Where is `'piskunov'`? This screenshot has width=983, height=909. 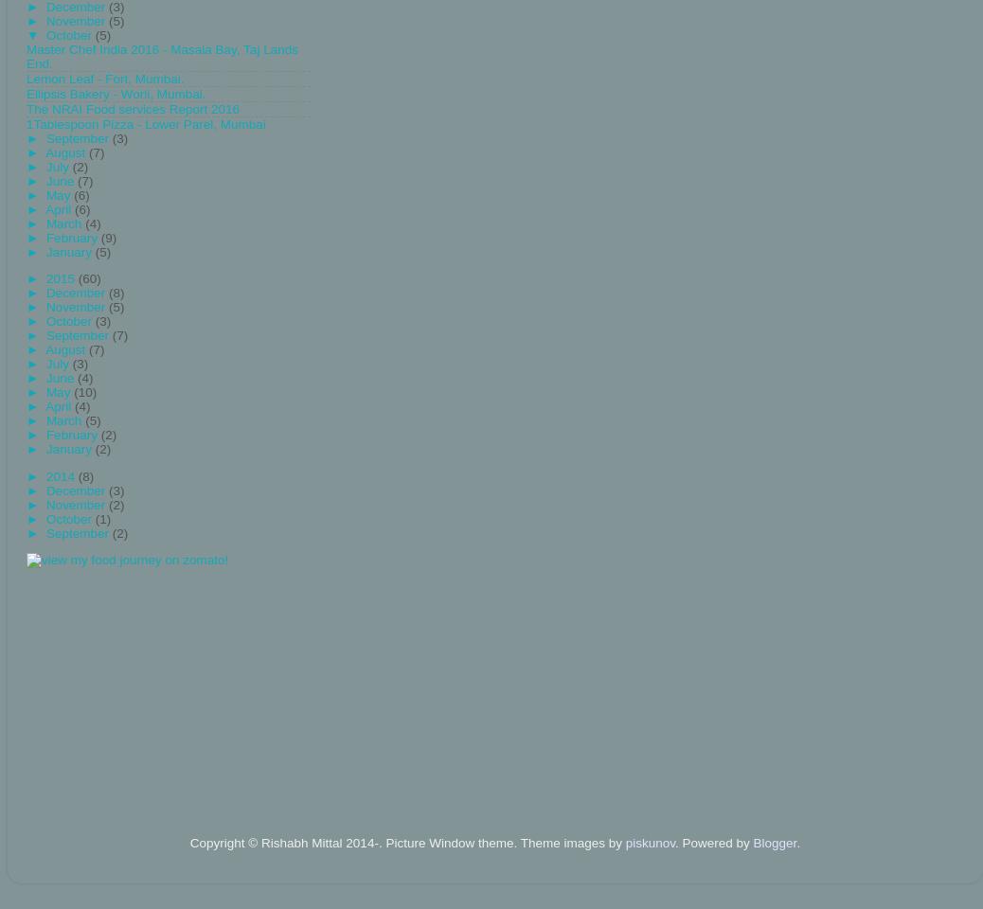 'piskunov' is located at coordinates (649, 842).